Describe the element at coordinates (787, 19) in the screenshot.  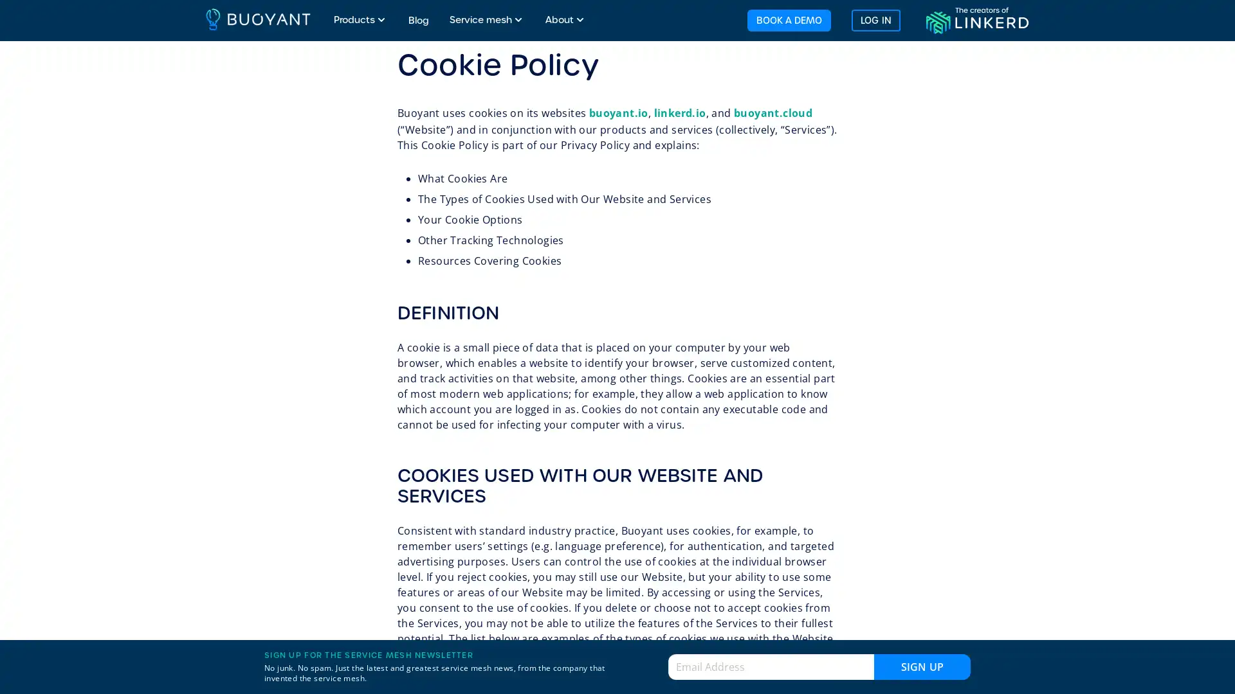
I see `BOOK A DEMO` at that location.